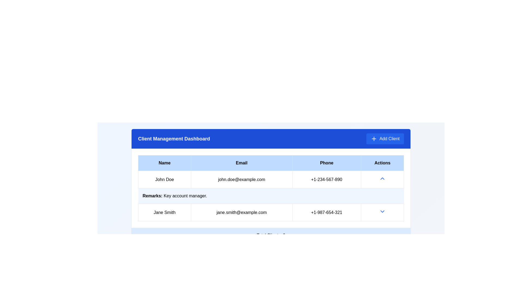 Image resolution: width=523 pixels, height=294 pixels. Describe the element at coordinates (382, 211) in the screenshot. I see `the second chevron icon in the 'Actions' column of the table related to Jane Smith` at that location.